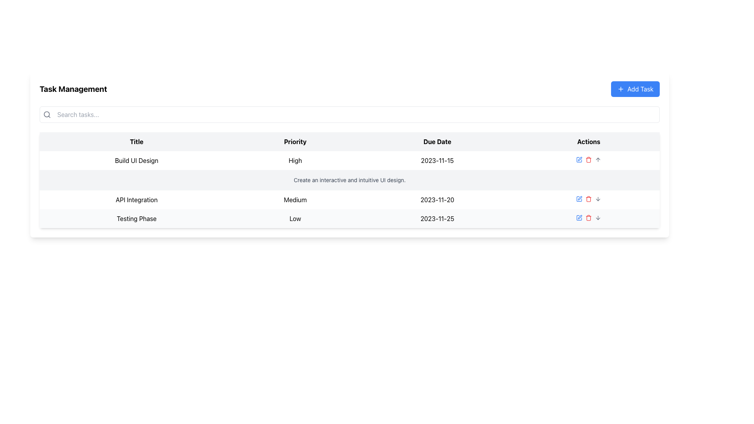  What do you see at coordinates (589, 198) in the screenshot?
I see `the delete button in the 'Actions' column of the second row of the table` at bounding box center [589, 198].